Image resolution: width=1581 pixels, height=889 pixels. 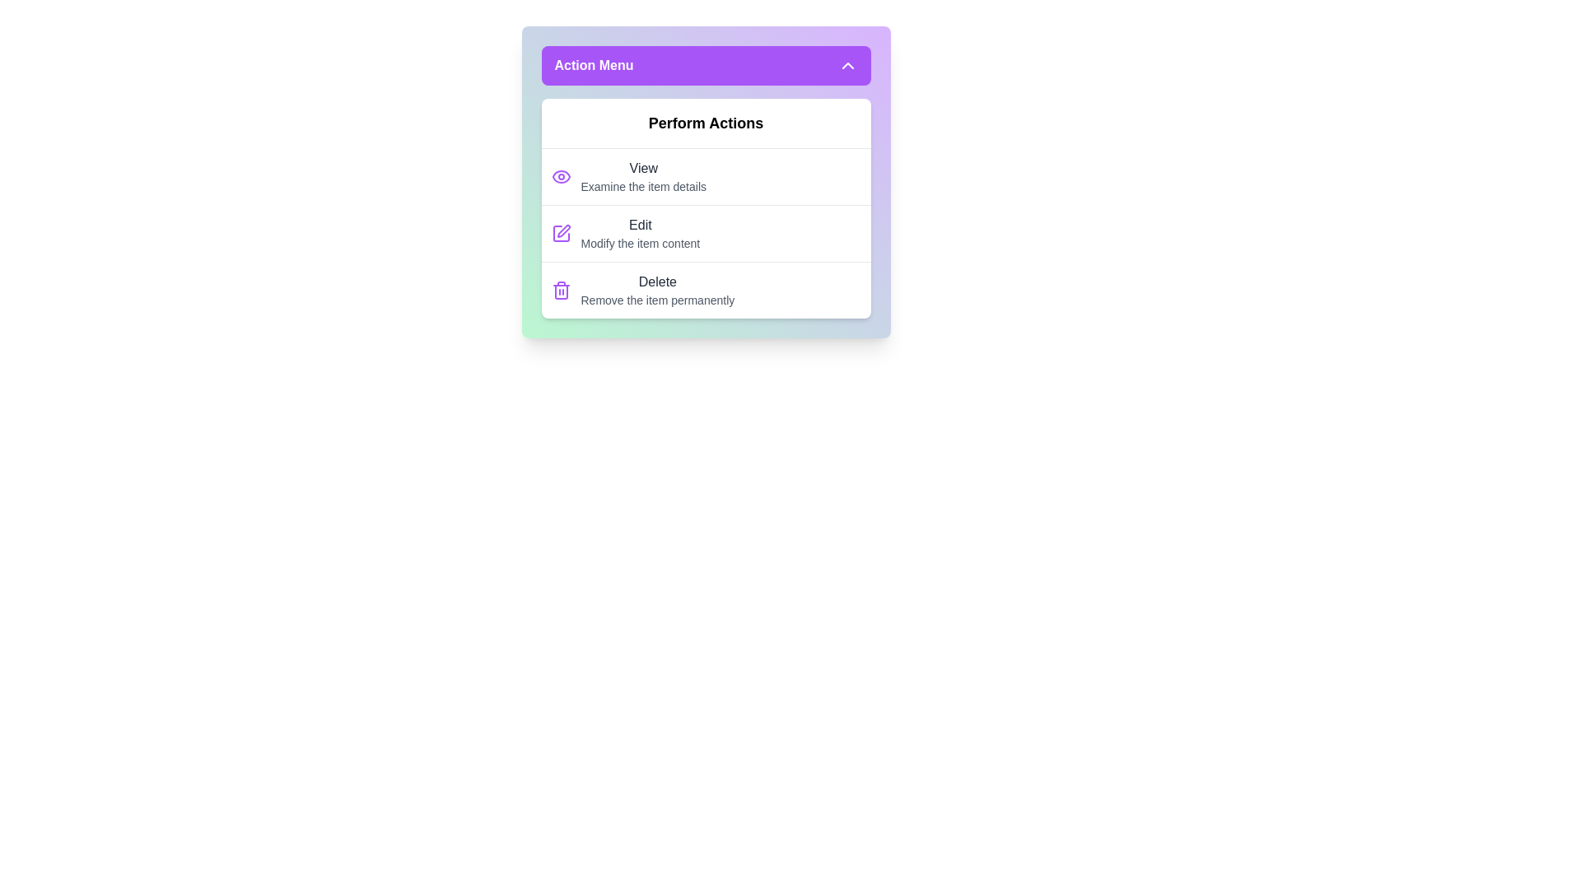 What do you see at coordinates (639, 234) in the screenshot?
I see `the 'Edit' action item in the action menu` at bounding box center [639, 234].